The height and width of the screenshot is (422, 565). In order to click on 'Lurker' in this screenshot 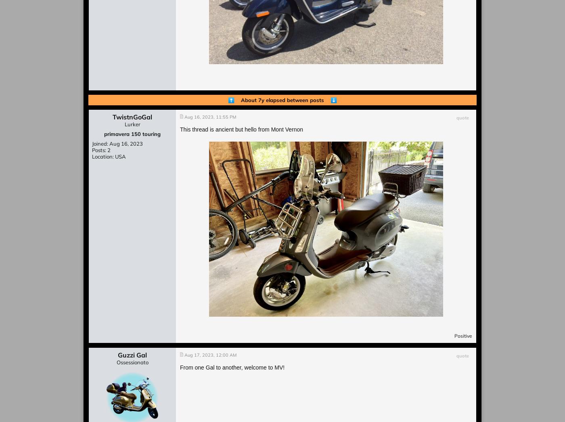, I will do `click(124, 124)`.